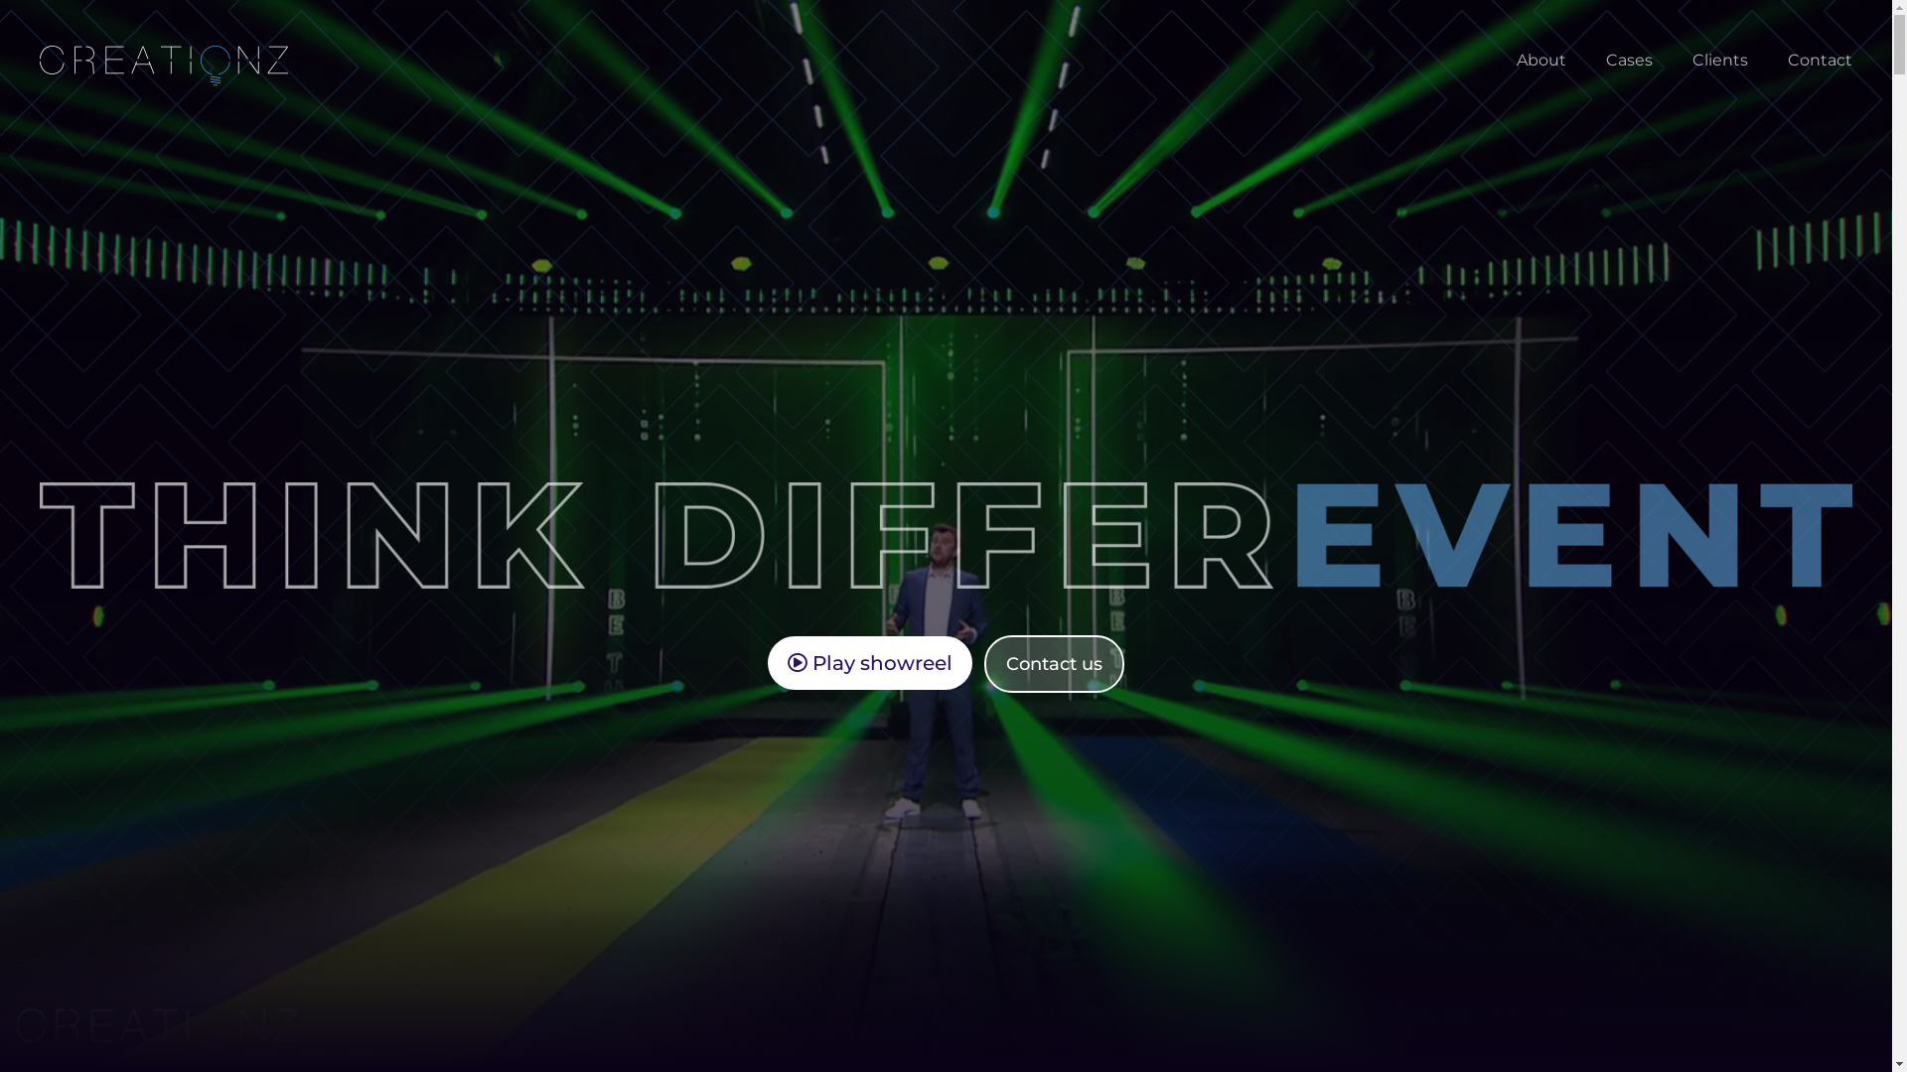  What do you see at coordinates (1540, 59) in the screenshot?
I see `'About'` at bounding box center [1540, 59].